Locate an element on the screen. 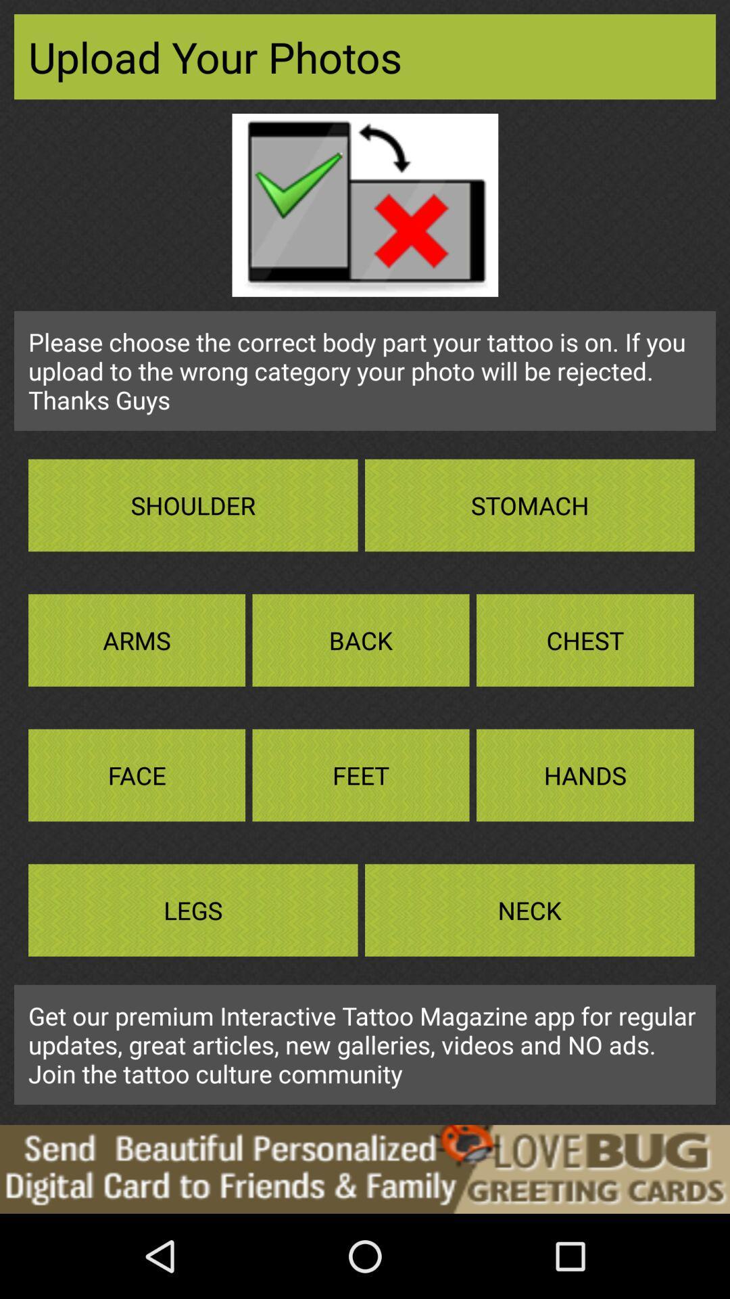  the box that reads the text stomach is located at coordinates (529, 505).